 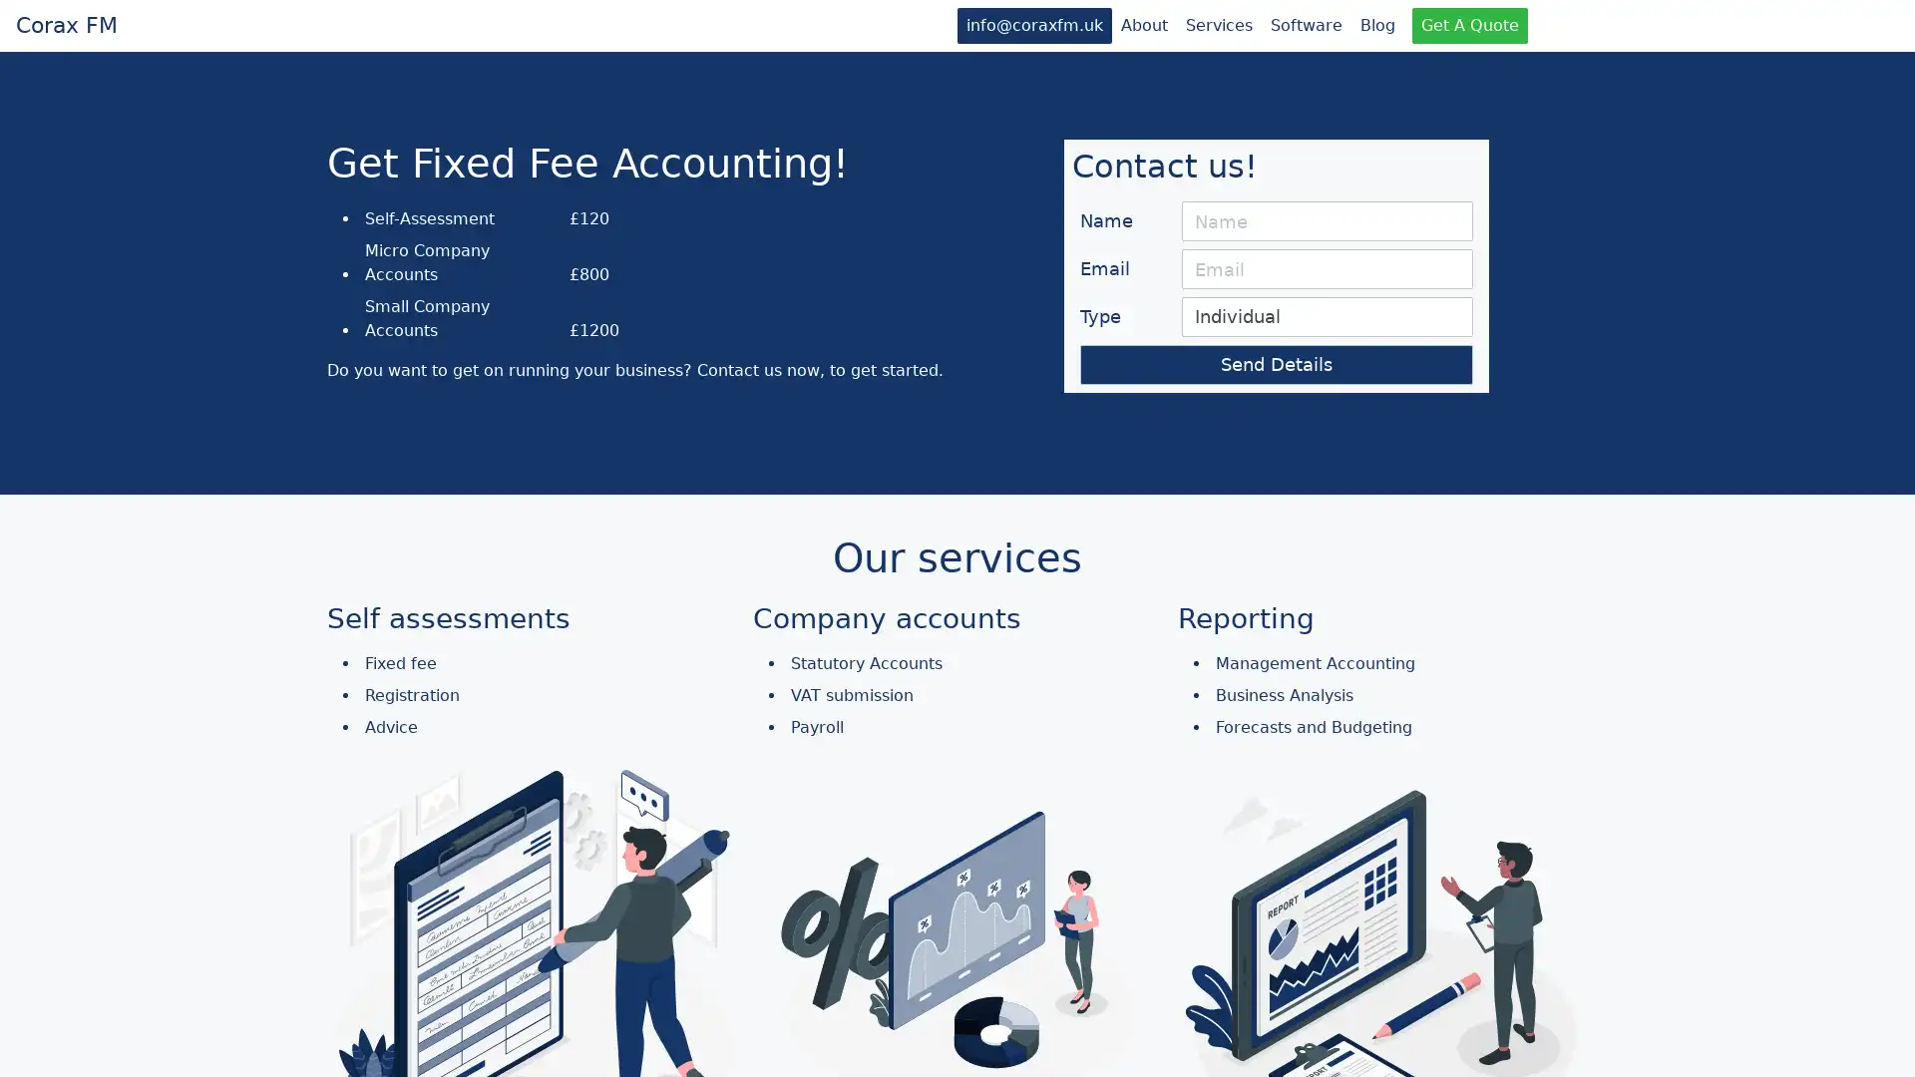 I want to click on Send Details, so click(x=1275, y=365).